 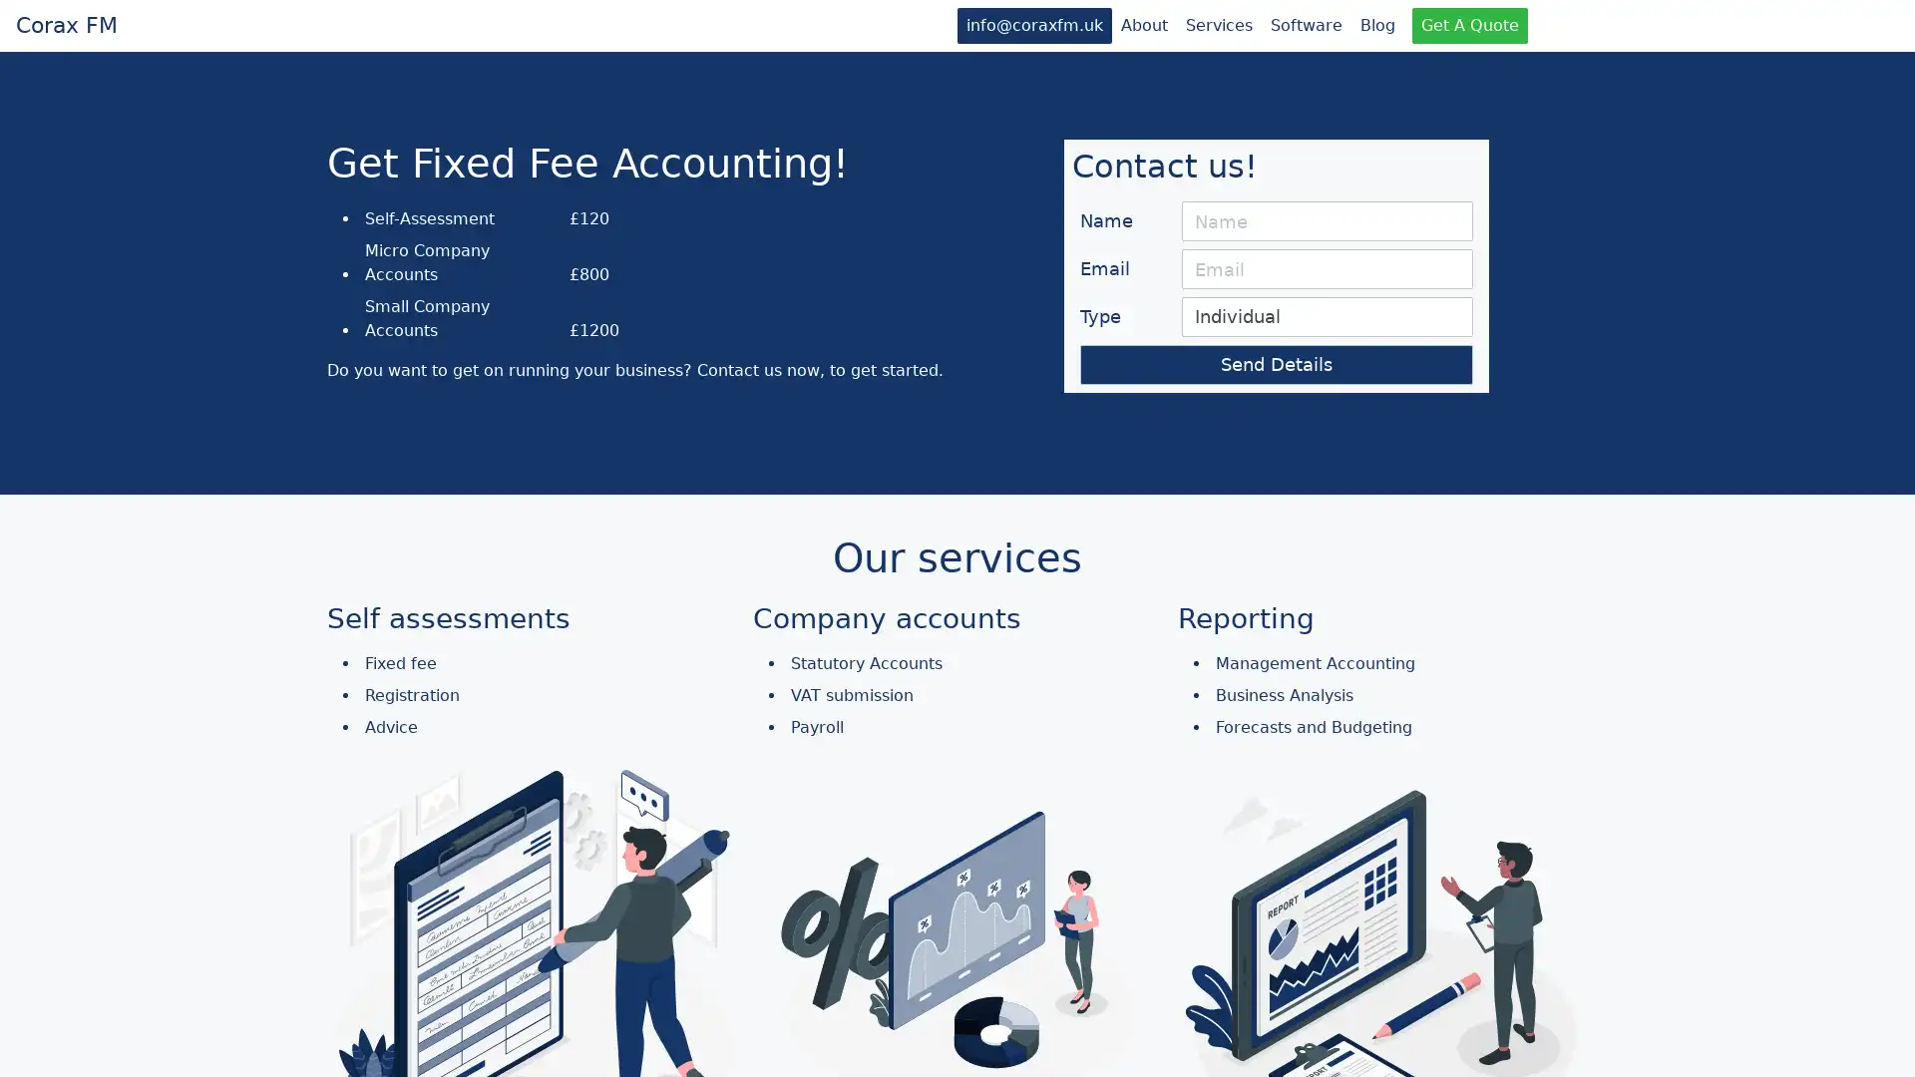 I want to click on Send Details, so click(x=1275, y=365).